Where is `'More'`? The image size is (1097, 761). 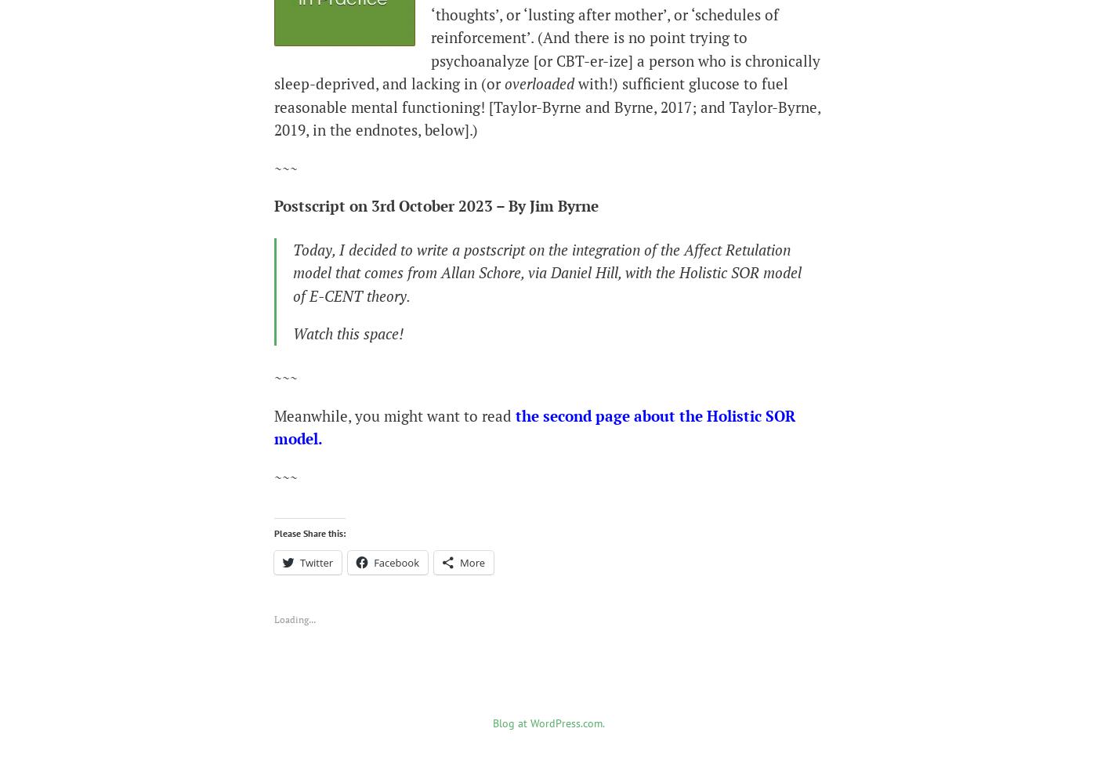 'More' is located at coordinates (472, 560).